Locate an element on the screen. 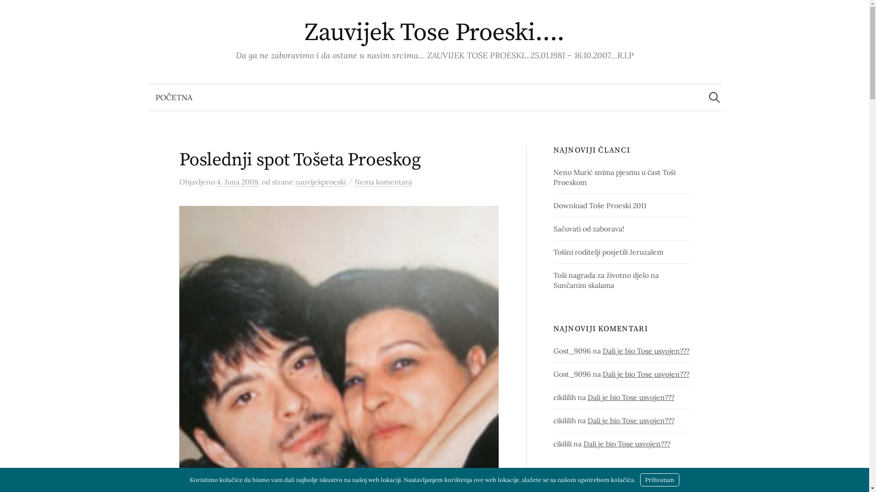 The image size is (876, 492). '4. Juna 2008.' is located at coordinates (238, 182).